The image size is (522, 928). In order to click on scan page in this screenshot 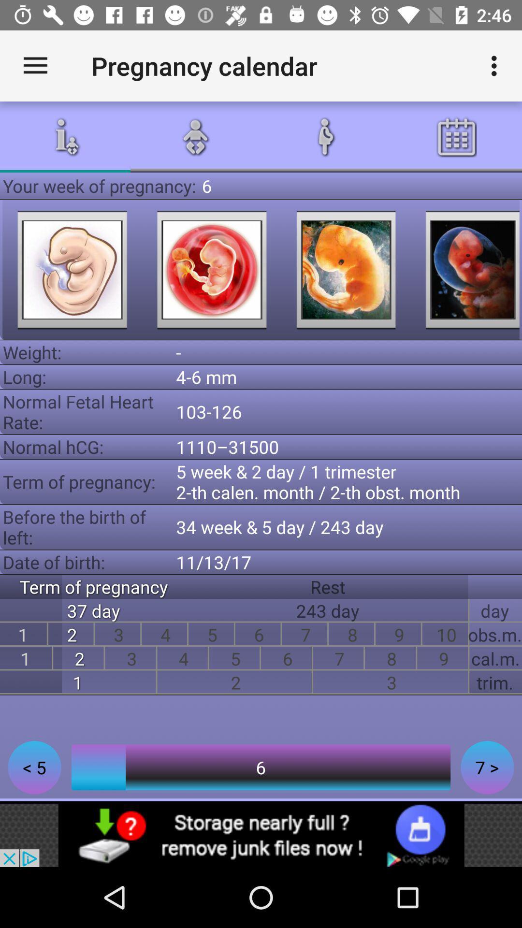, I will do `click(211, 270)`.